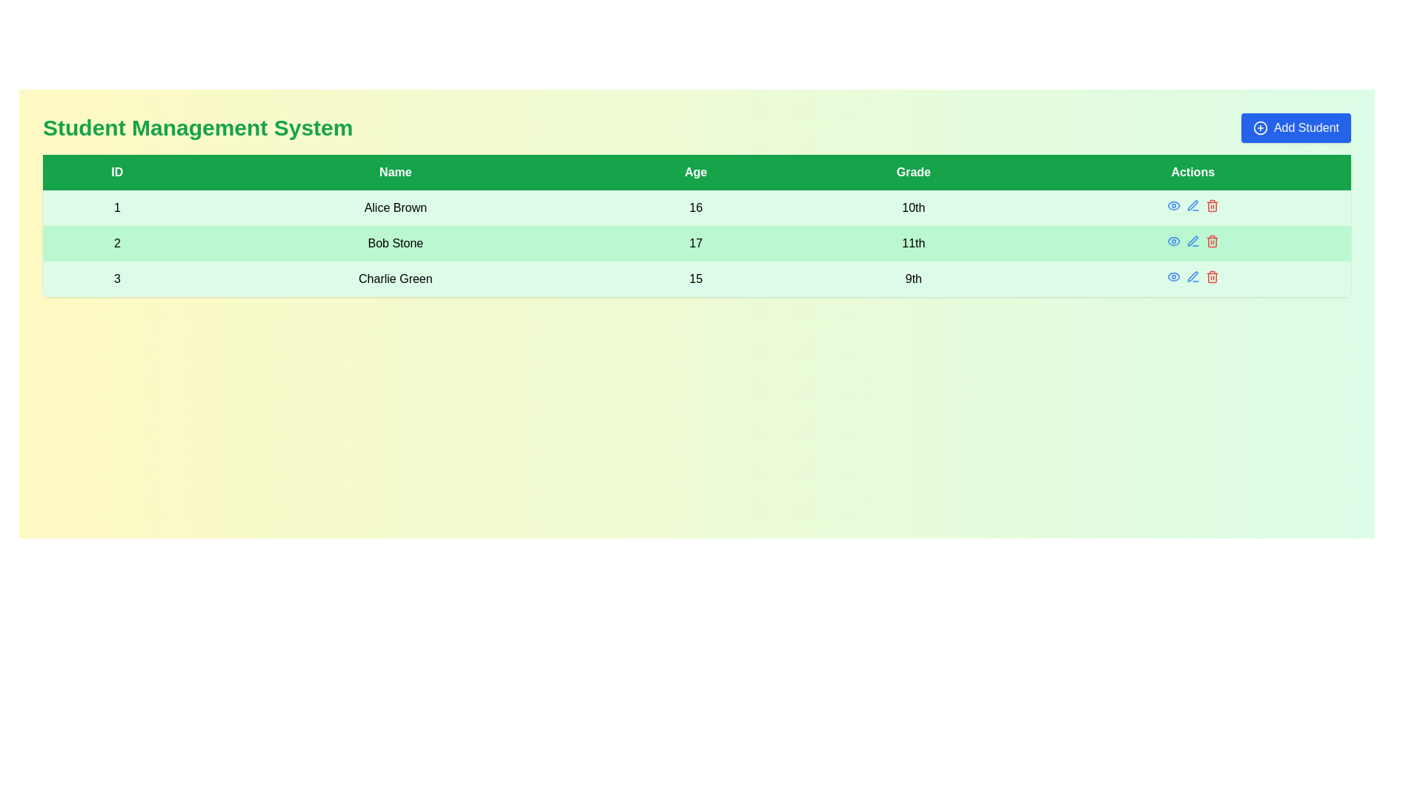  Describe the element at coordinates (1172, 241) in the screenshot. I see `the first icon in the 'Actions' column of the second row of the table` at that location.